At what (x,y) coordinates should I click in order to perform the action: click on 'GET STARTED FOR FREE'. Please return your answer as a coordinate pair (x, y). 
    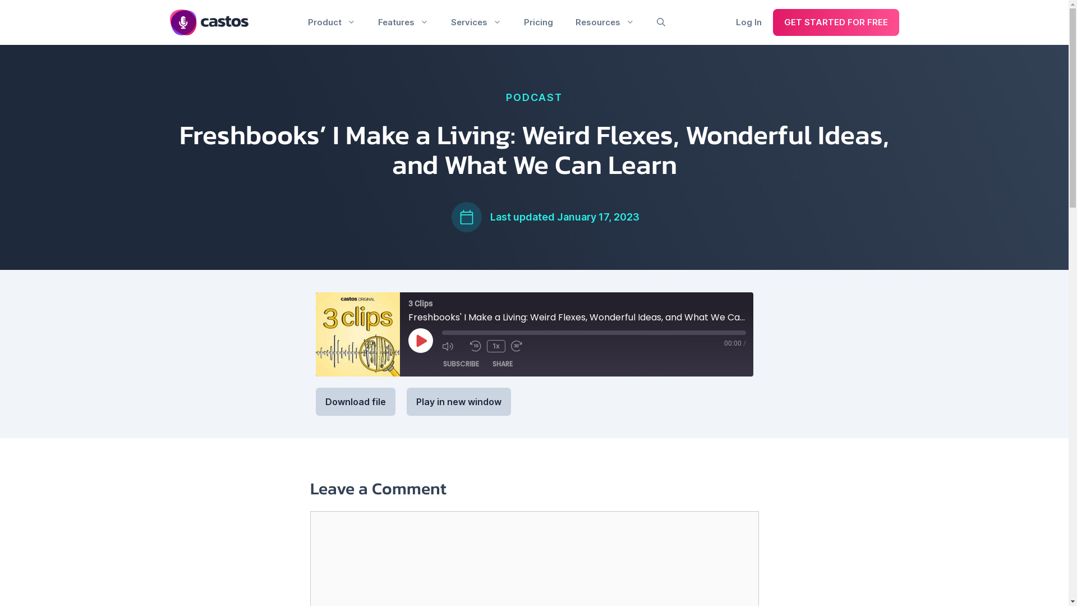
    Looking at the image, I should click on (772, 22).